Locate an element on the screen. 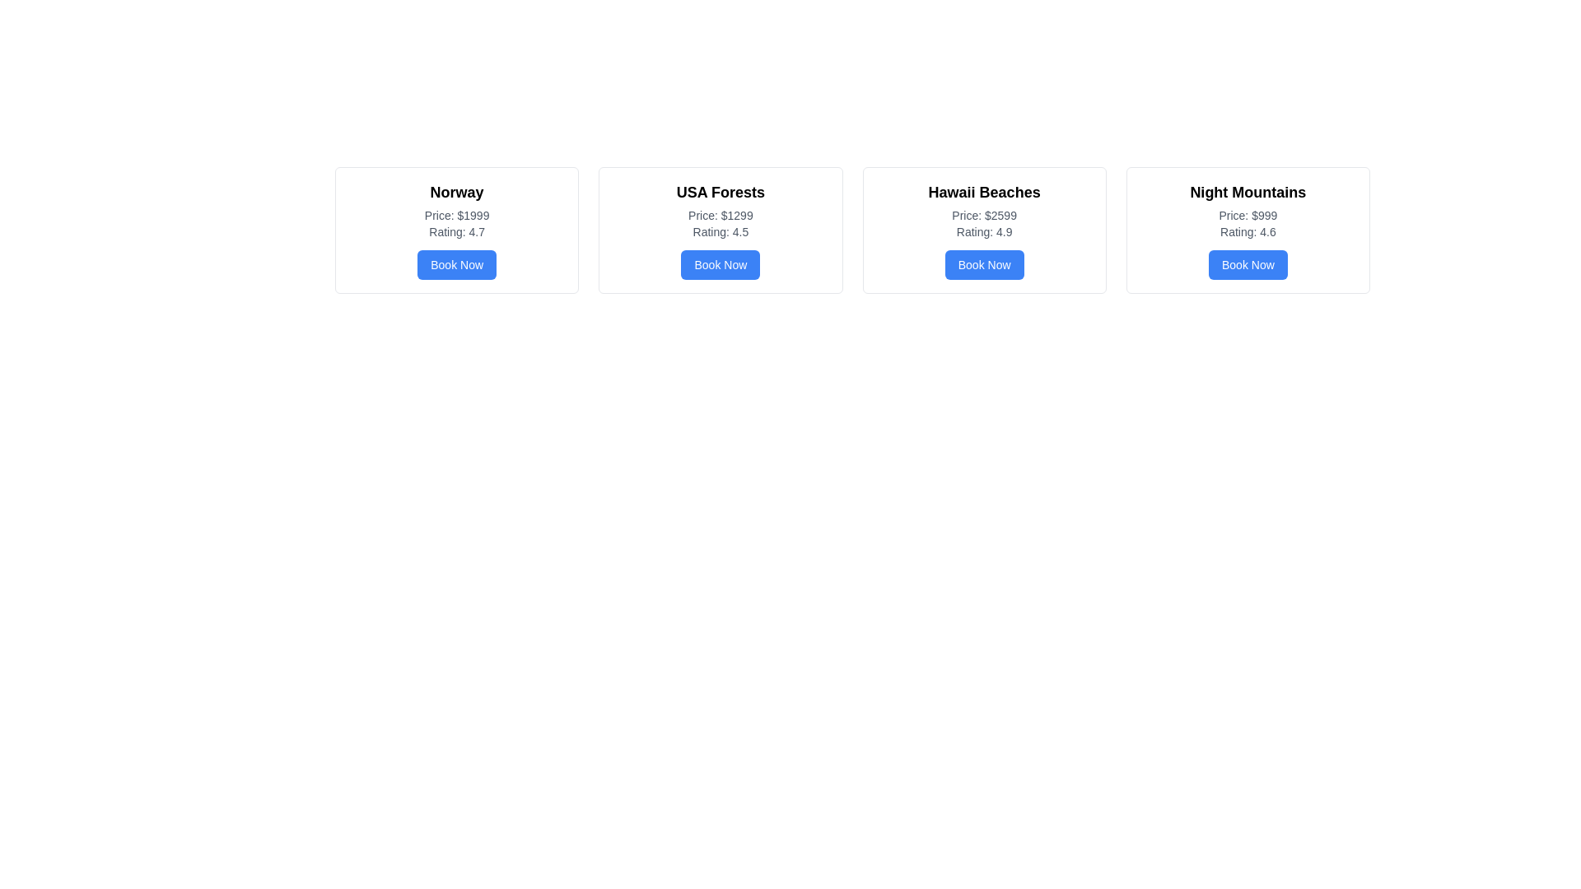  the Text Label displaying the title of the travel destination in the fourth card of the horizontal series is located at coordinates (1248, 192).